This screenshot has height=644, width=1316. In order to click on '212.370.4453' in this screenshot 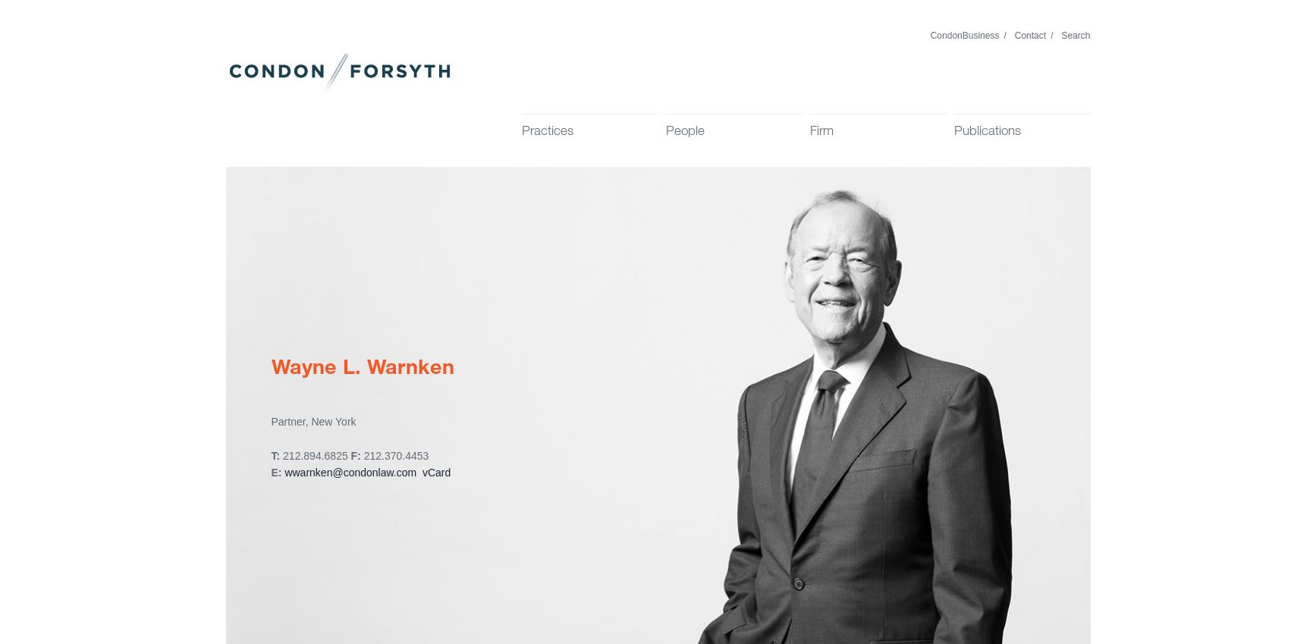, I will do `click(394, 454)`.